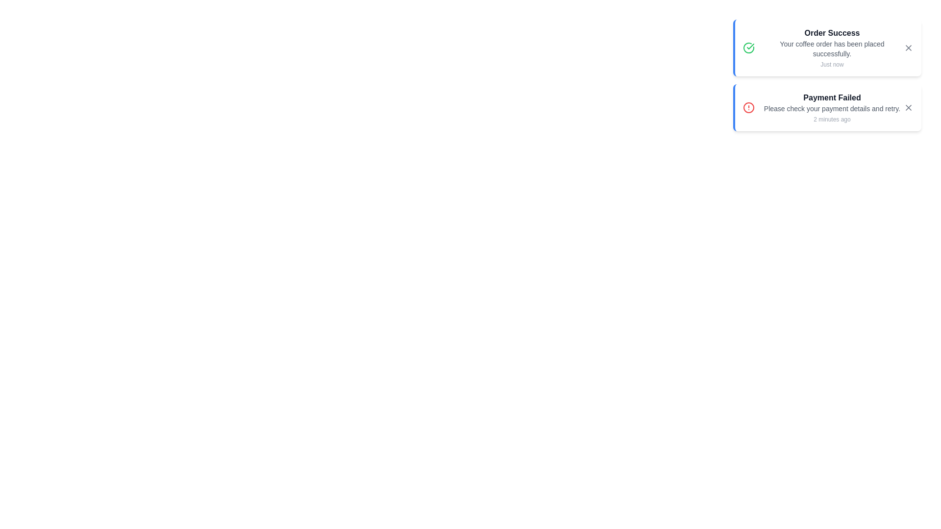  What do you see at coordinates (748, 107) in the screenshot?
I see `the icon of the notification card with title Payment Failed` at bounding box center [748, 107].